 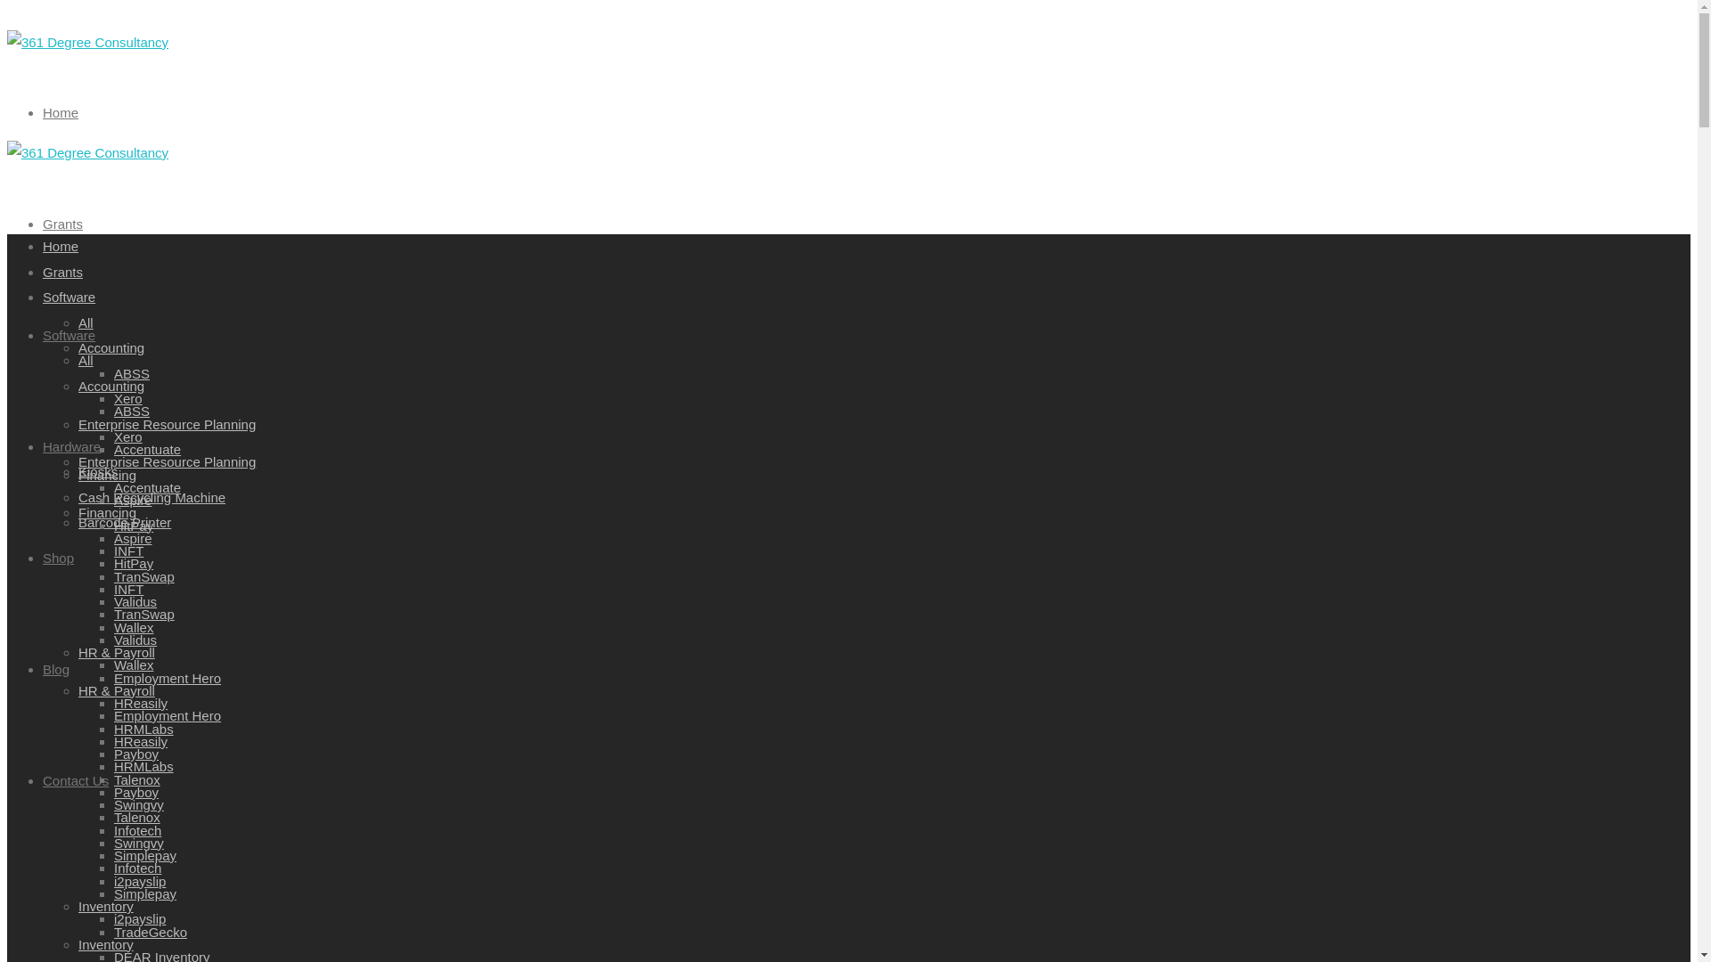 What do you see at coordinates (132, 537) in the screenshot?
I see `'Aspire'` at bounding box center [132, 537].